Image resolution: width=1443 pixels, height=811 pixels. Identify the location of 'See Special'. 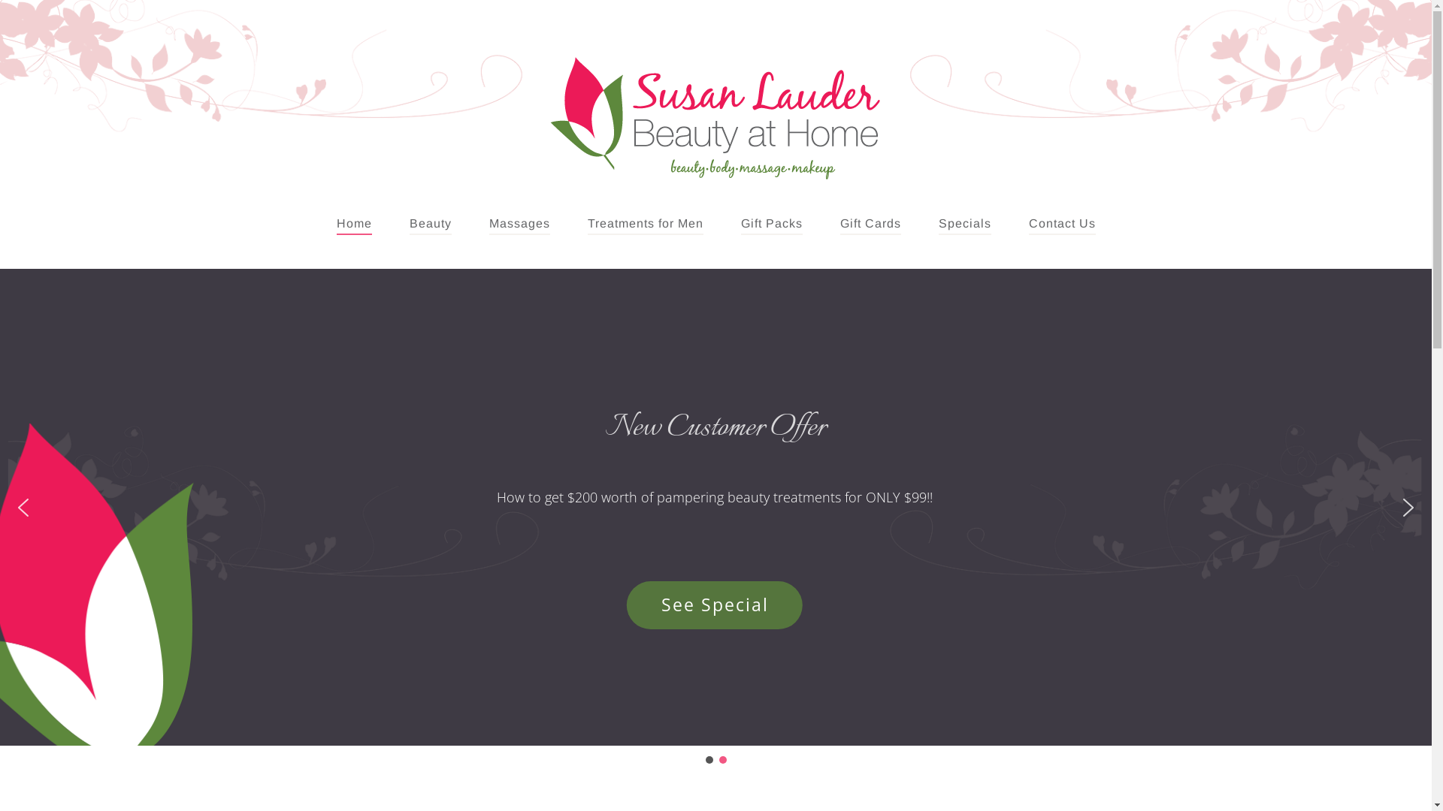
(713, 604).